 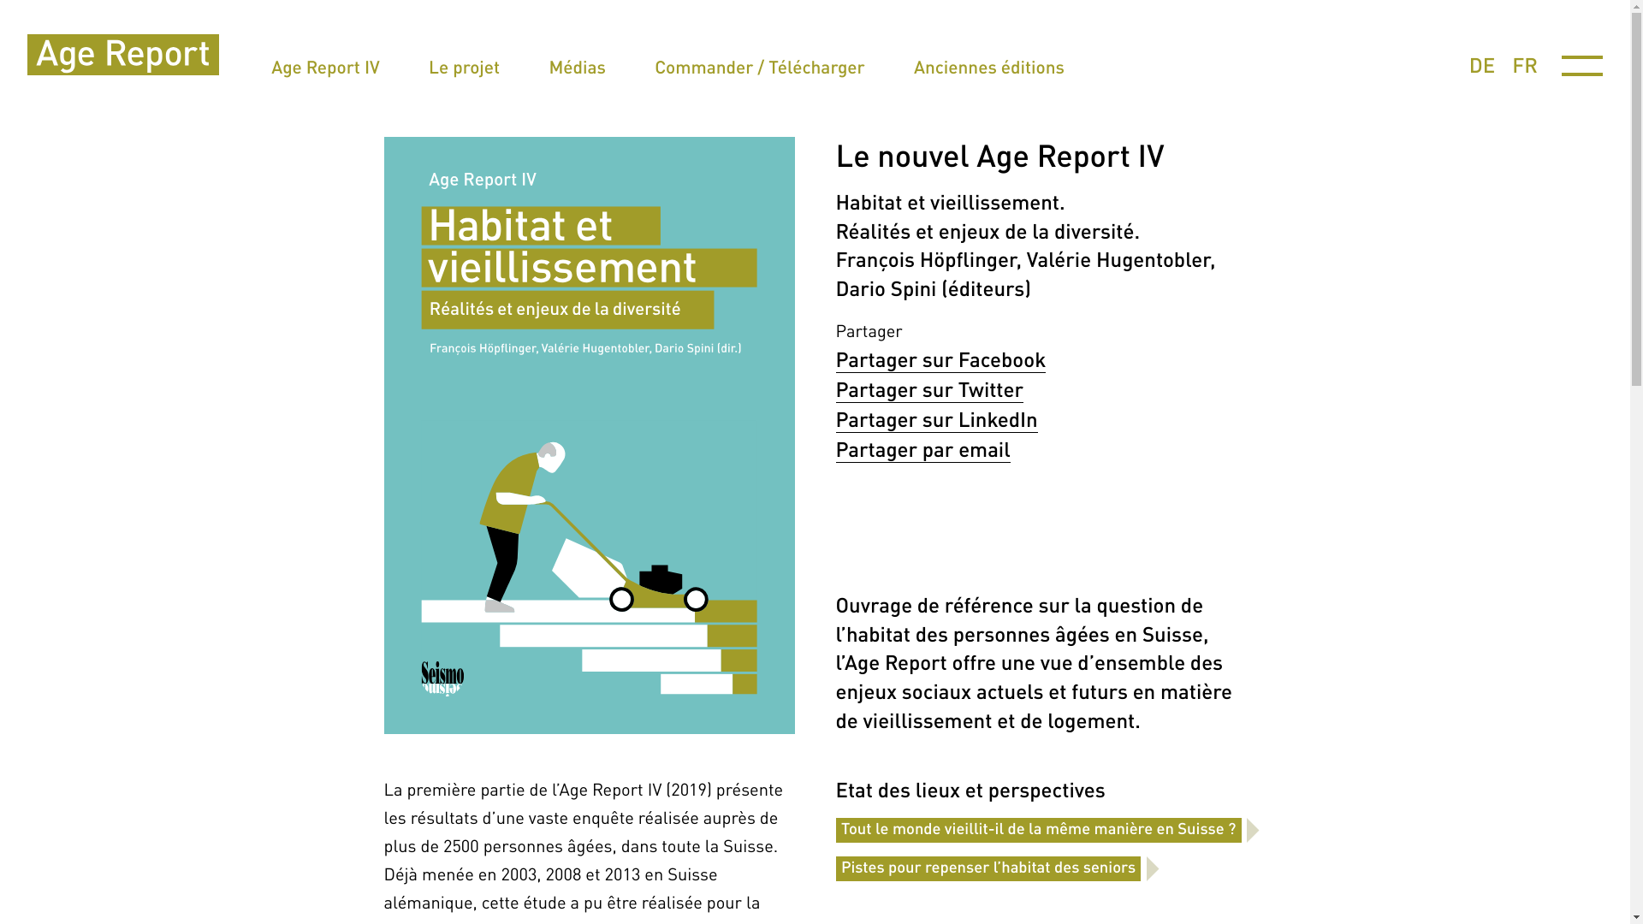 I want to click on 'FR', so click(x=1524, y=63).